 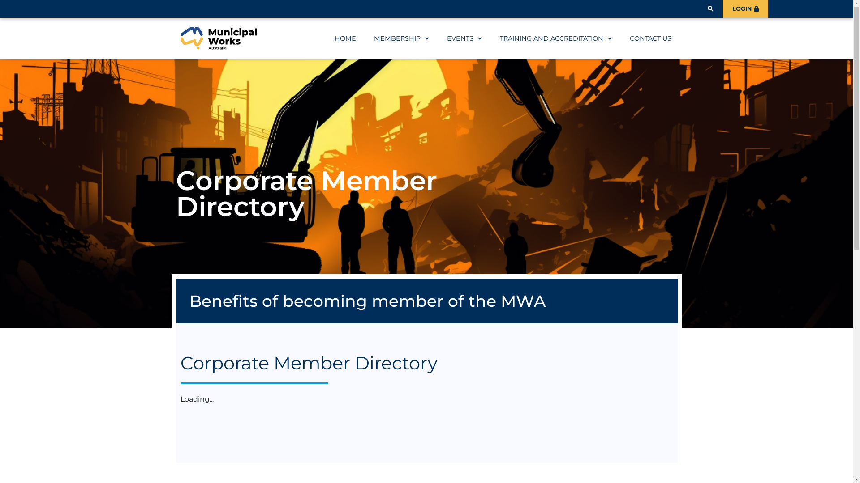 I want to click on 'HOME', so click(x=345, y=38).